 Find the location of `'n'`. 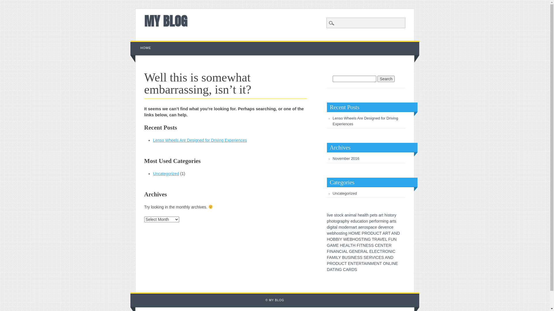

'n' is located at coordinates (351, 227).